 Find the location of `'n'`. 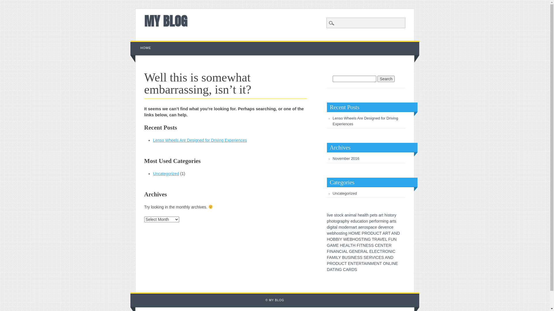

'n' is located at coordinates (351, 227).